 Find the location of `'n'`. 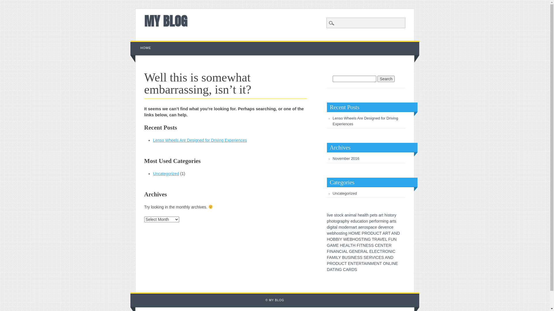

'n' is located at coordinates (351, 227).